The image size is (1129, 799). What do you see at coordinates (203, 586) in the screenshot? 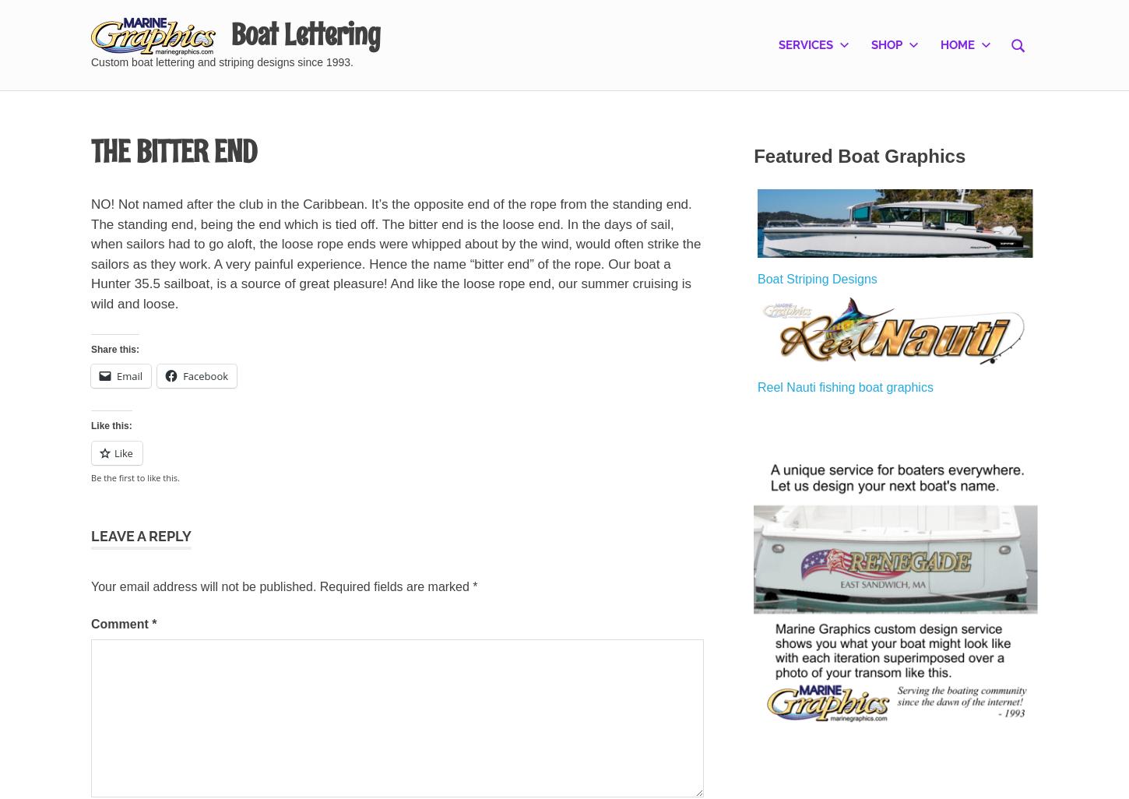
I see `'Your email address will not be published.'` at bounding box center [203, 586].